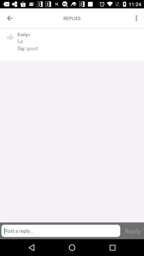 This screenshot has height=256, width=144. What do you see at coordinates (10, 18) in the screenshot?
I see `item to the left of replies` at bounding box center [10, 18].